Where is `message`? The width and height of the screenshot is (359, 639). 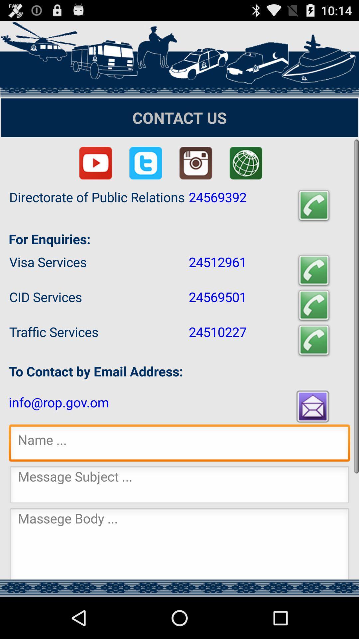 message is located at coordinates (179, 543).